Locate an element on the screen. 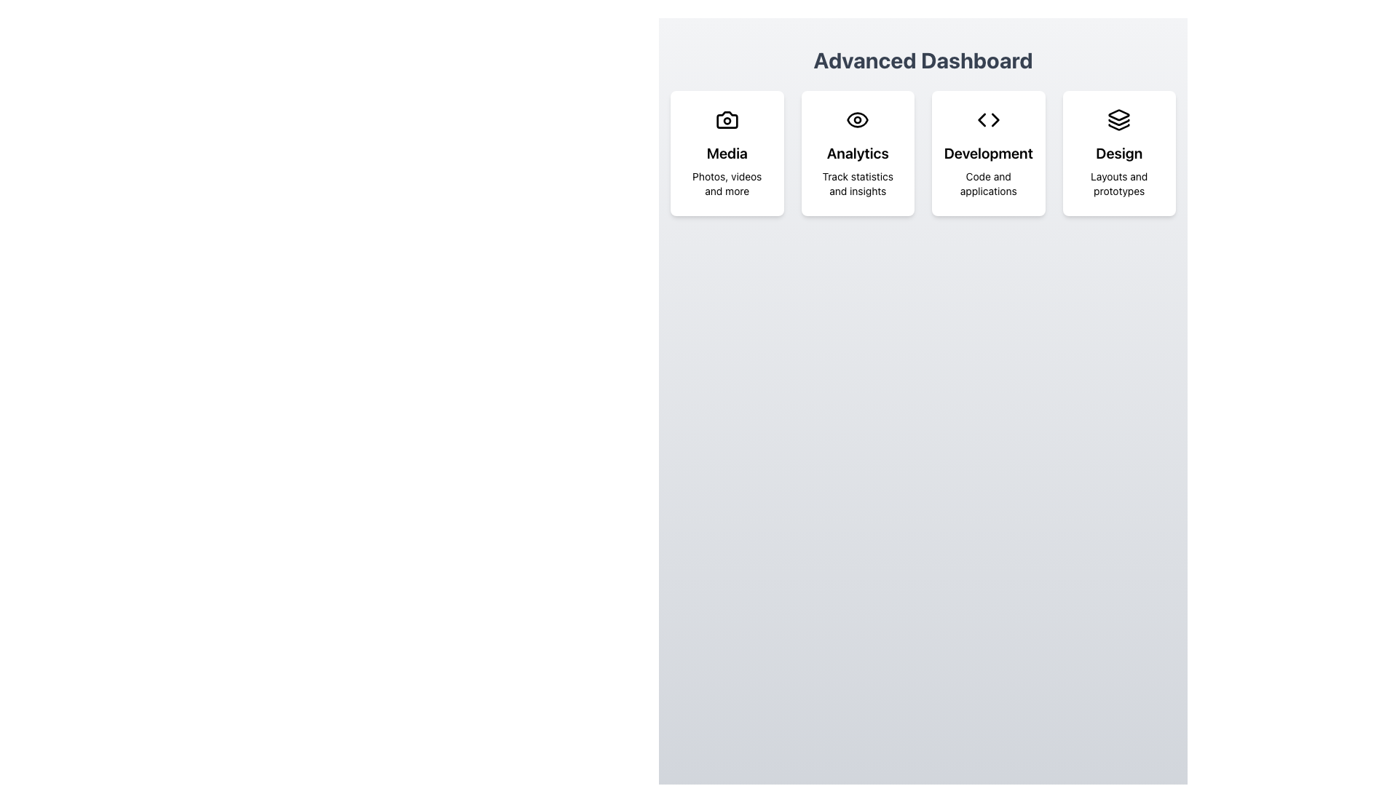  the left-pointing chevron arrow icon within the 'Development' card on the dashboard interface is located at coordinates (982, 119).